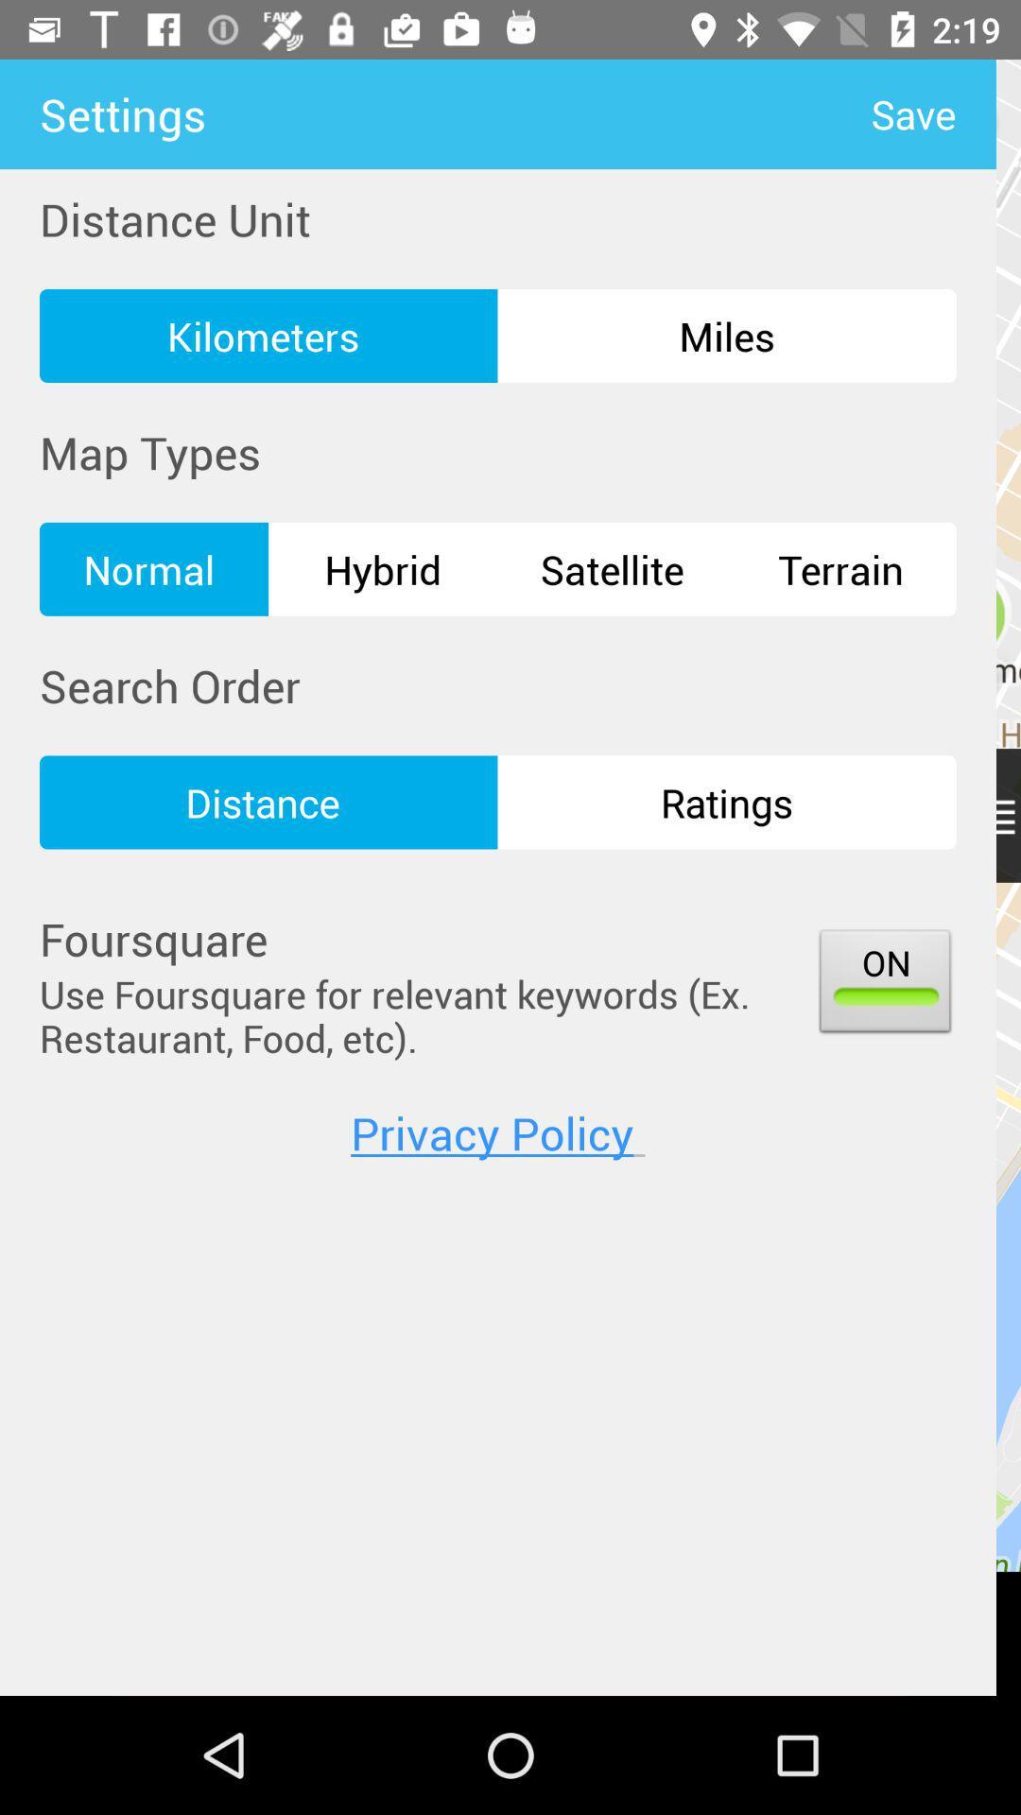 The image size is (1021, 1815). What do you see at coordinates (383, 568) in the screenshot?
I see `icon to the right of normal  item` at bounding box center [383, 568].